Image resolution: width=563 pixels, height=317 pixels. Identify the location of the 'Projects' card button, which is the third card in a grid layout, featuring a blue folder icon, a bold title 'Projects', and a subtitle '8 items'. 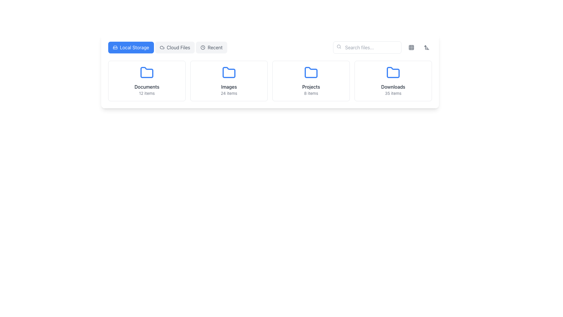
(311, 81).